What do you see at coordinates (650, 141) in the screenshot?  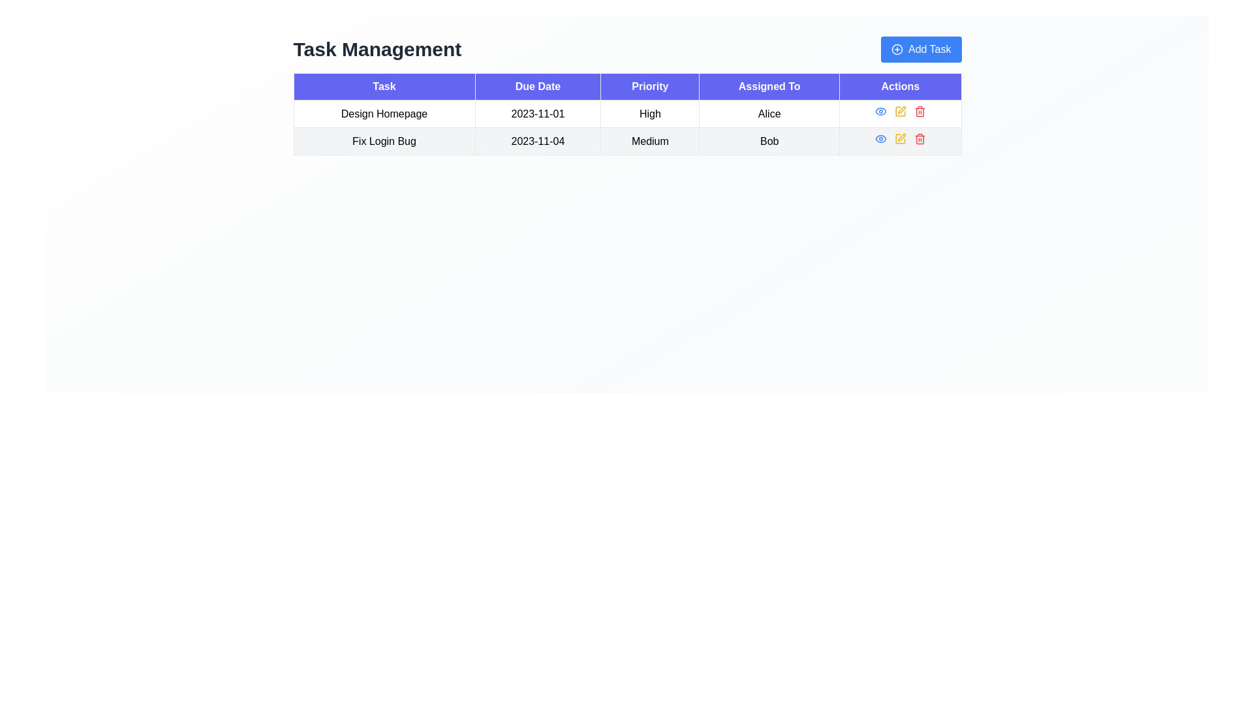 I see `the text indicator for the task 'Fix Login Bug'` at bounding box center [650, 141].